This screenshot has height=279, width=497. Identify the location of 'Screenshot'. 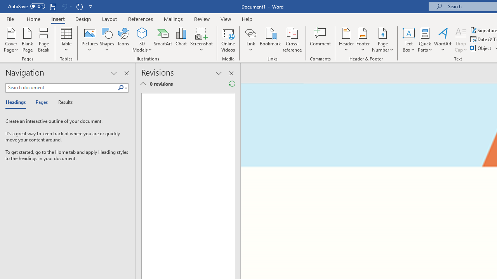
(202, 40).